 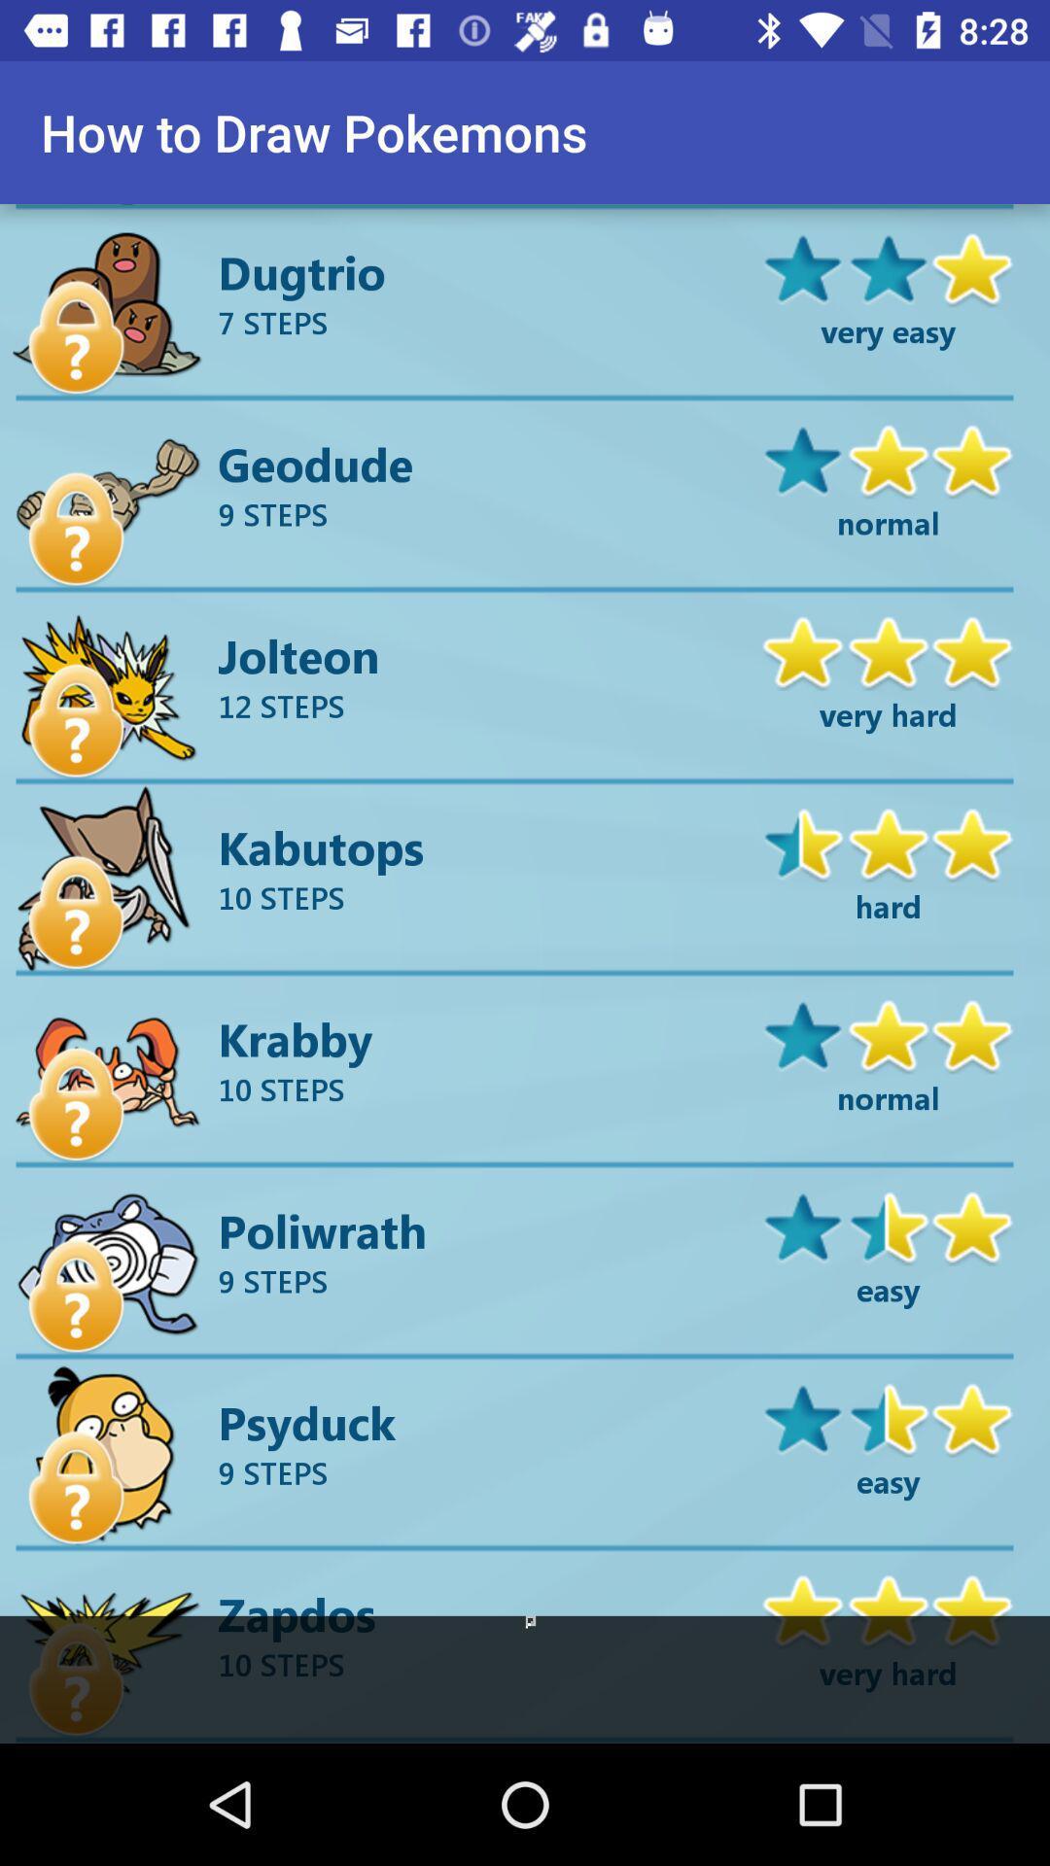 What do you see at coordinates (889, 1417) in the screenshot?
I see `top of easy` at bounding box center [889, 1417].